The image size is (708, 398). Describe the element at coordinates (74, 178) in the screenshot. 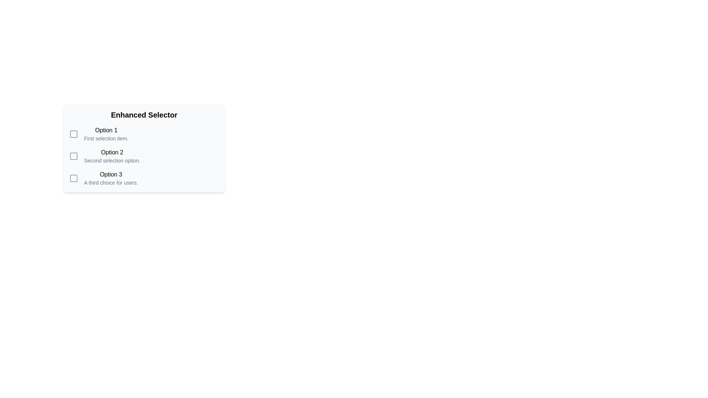

I see `the interactive checkbox located to the left of the label 'Option 3', which is the last item in a vertically-aligned list of checkboxes` at that location.